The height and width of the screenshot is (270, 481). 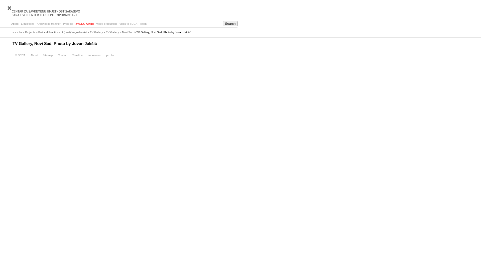 What do you see at coordinates (68, 24) in the screenshot?
I see `'Projects'` at bounding box center [68, 24].